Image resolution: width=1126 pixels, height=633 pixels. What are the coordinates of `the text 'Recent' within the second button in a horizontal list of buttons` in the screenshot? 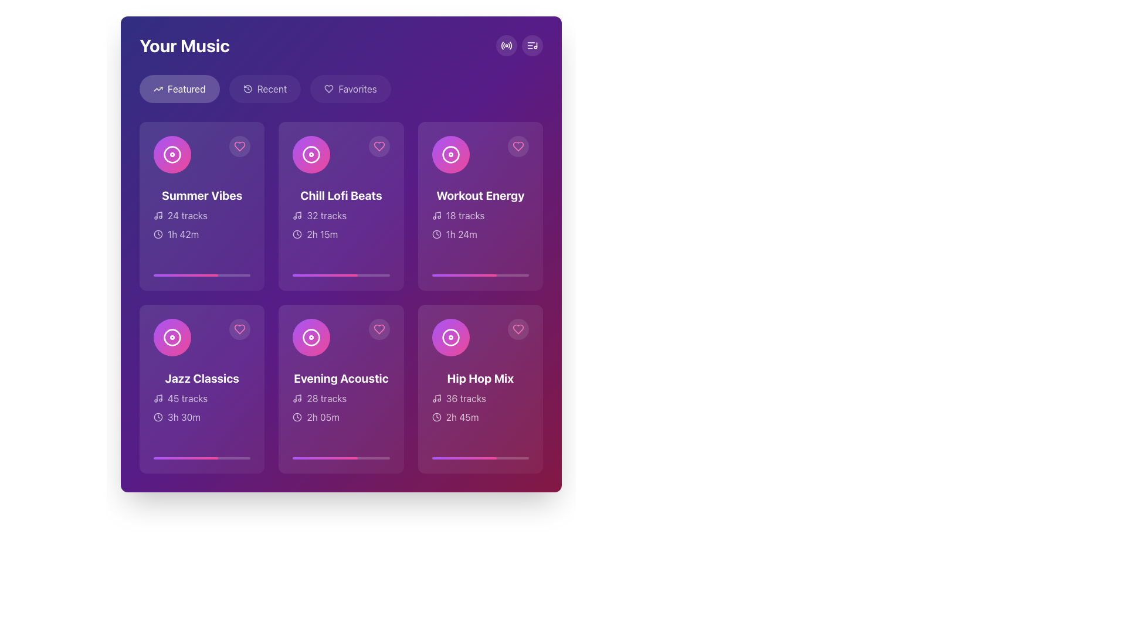 It's located at (272, 88).